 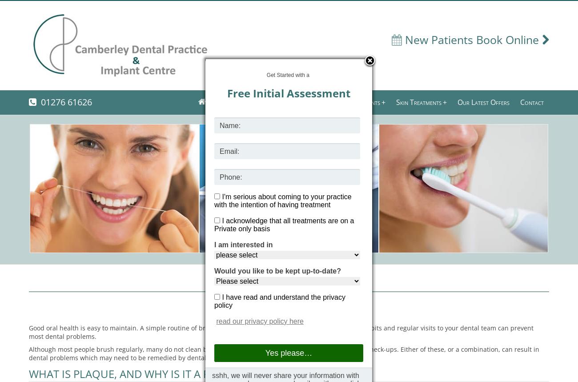 What do you see at coordinates (284, 353) in the screenshot?
I see `'Although most people brush regularly, many do not clean between   their teeth. Some people neglect their dental check-ups. Either of   these, or a combination, can result in dental problems which may need to   be remedied by dental professionals.'` at bounding box center [284, 353].